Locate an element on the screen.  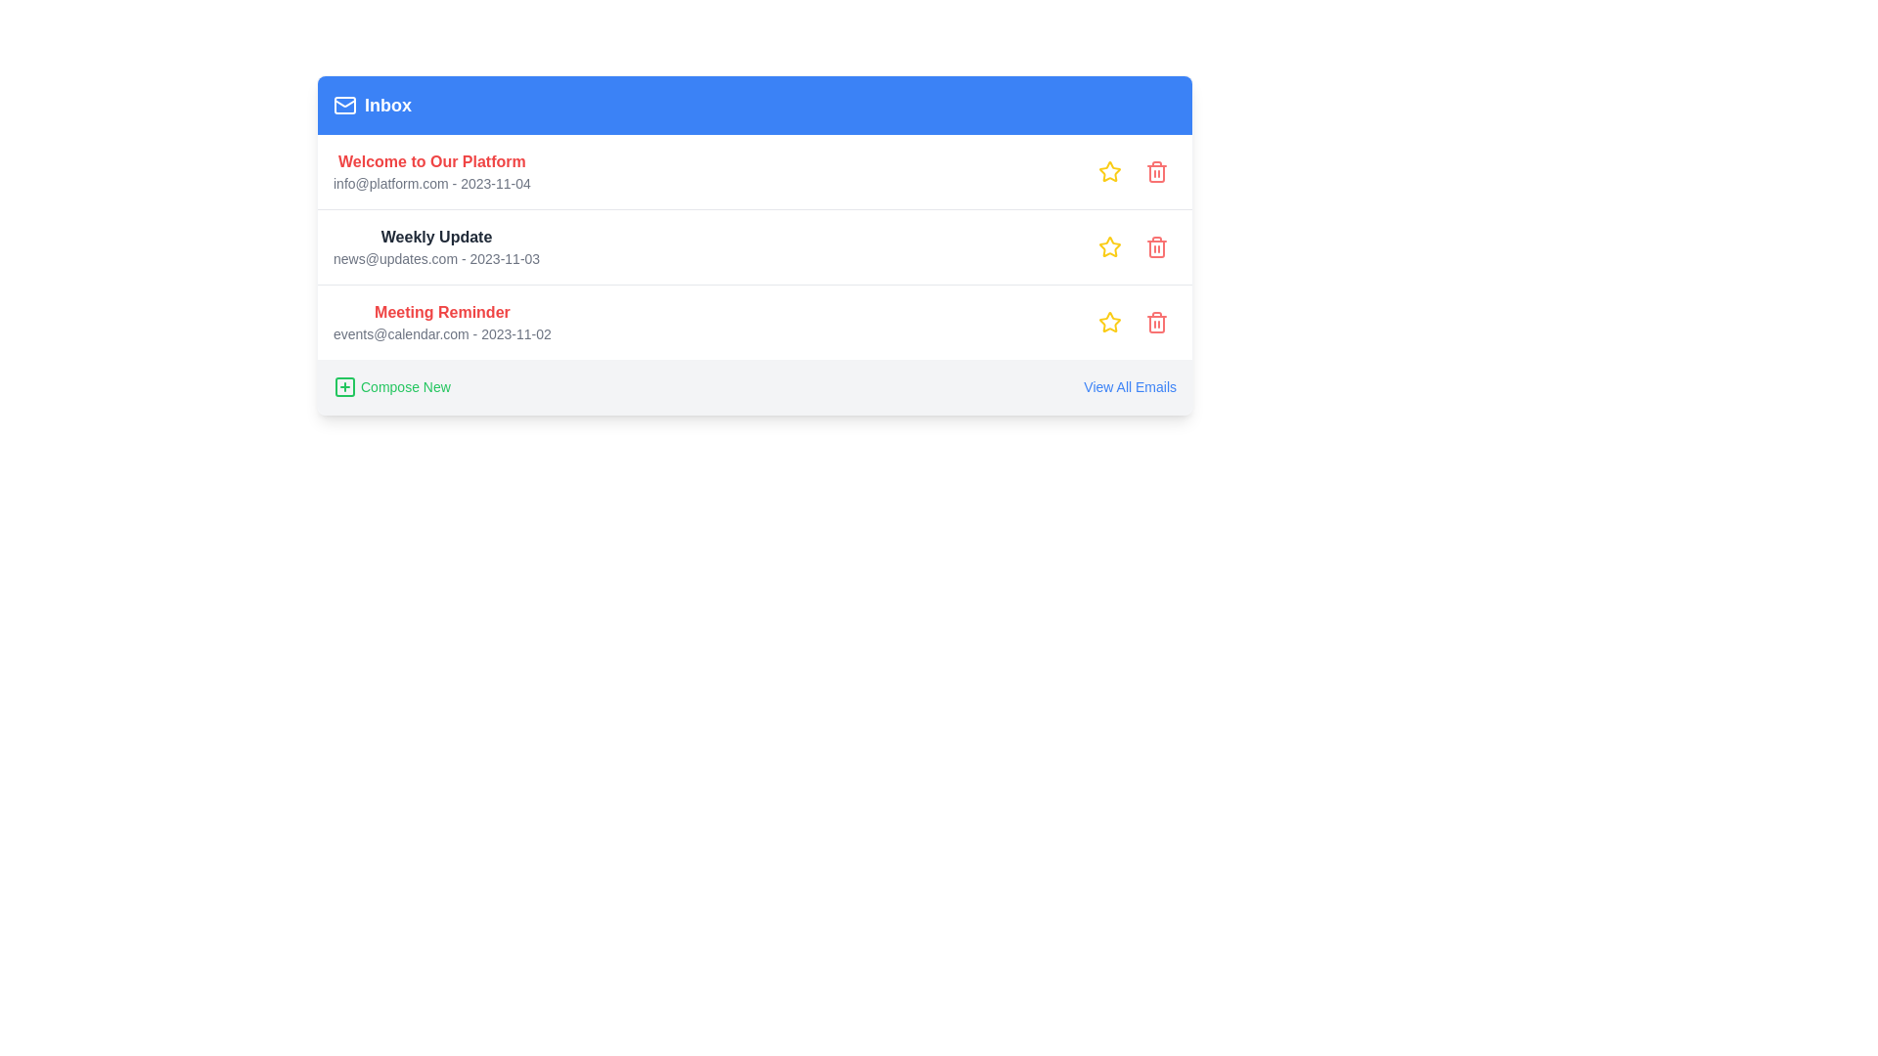
the Interactive icon is located at coordinates (1109, 246).